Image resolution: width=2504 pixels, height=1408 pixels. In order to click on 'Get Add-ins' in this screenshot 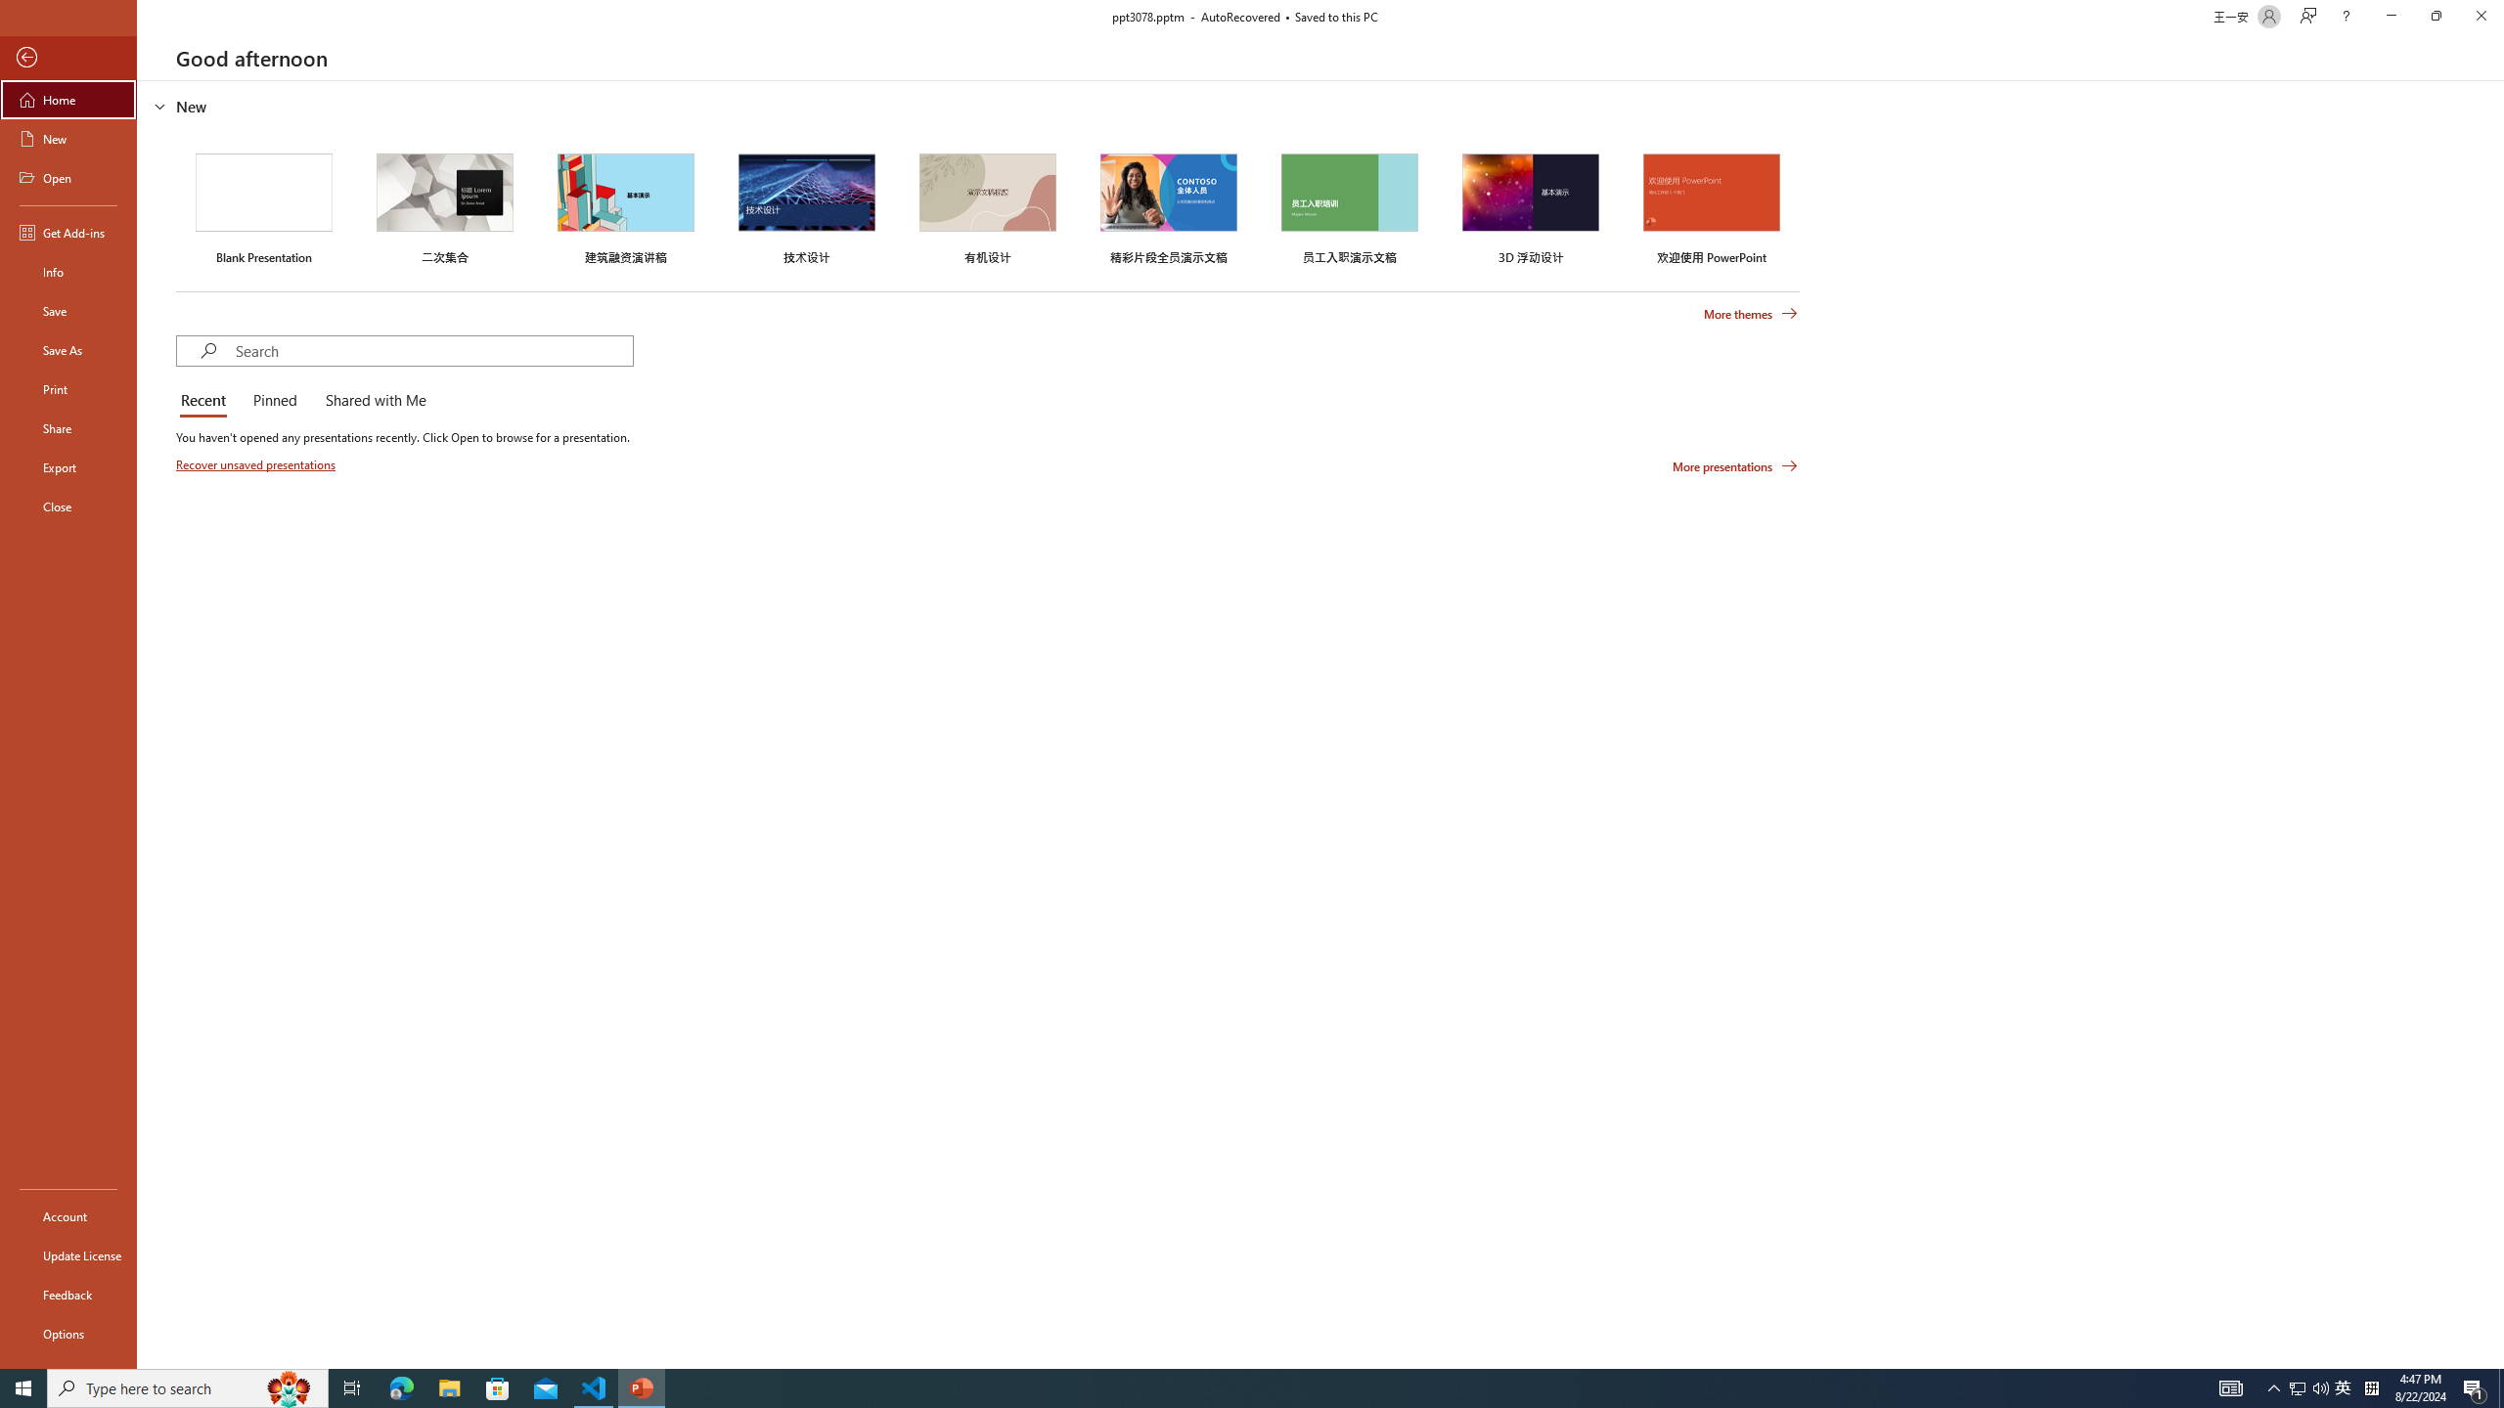, I will do `click(67, 232)`.